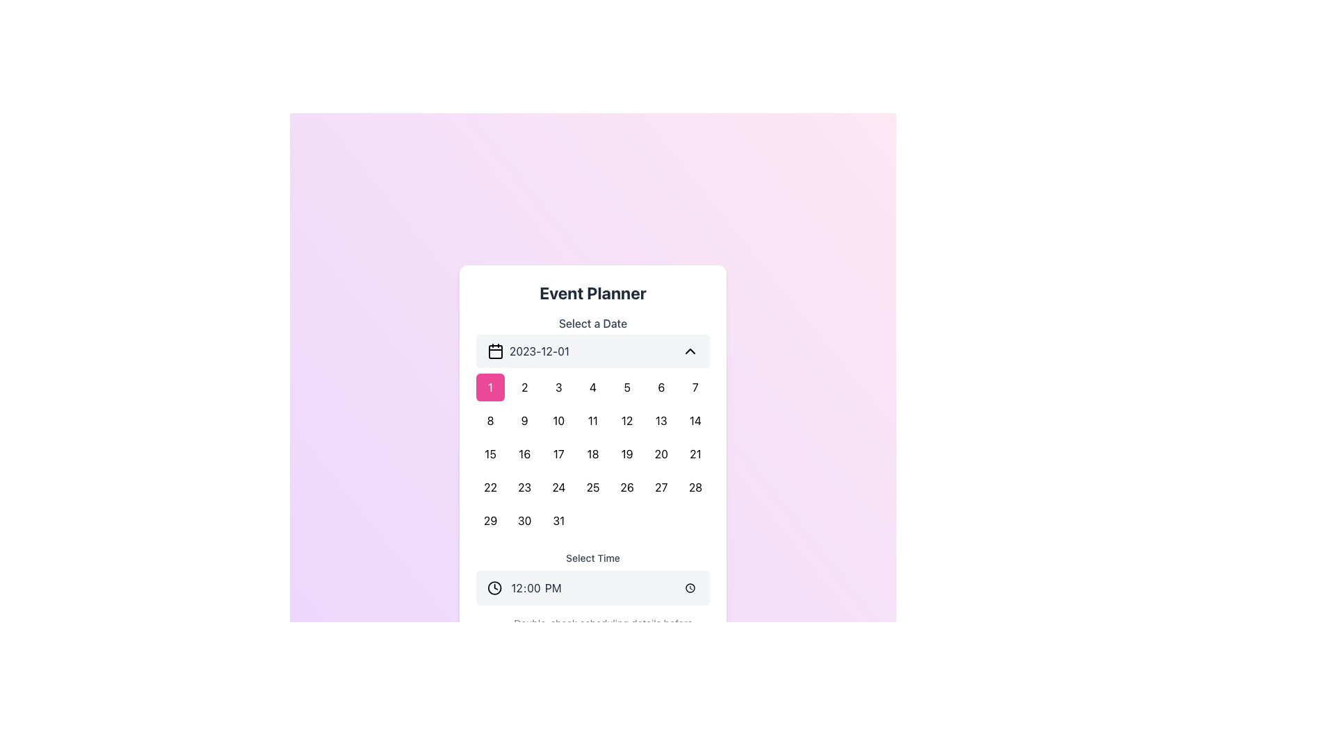 The height and width of the screenshot is (750, 1335). Describe the element at coordinates (524, 419) in the screenshot. I see `the button representing day '9' on the calendar to observe hover effects` at that location.